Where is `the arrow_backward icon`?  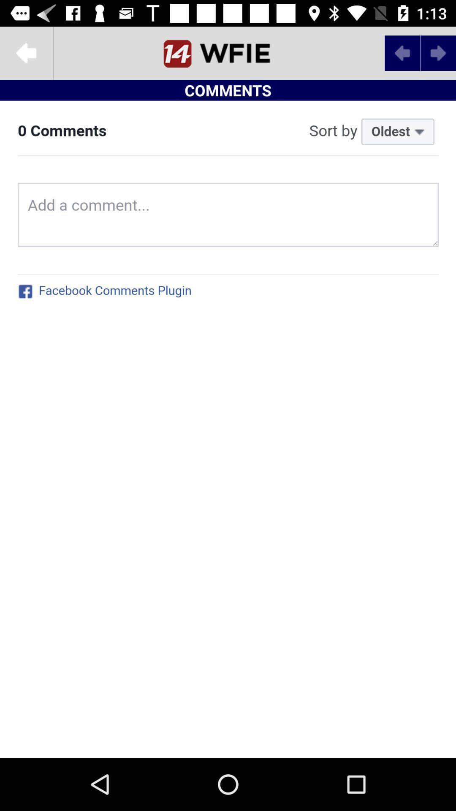
the arrow_backward icon is located at coordinates (26, 52).